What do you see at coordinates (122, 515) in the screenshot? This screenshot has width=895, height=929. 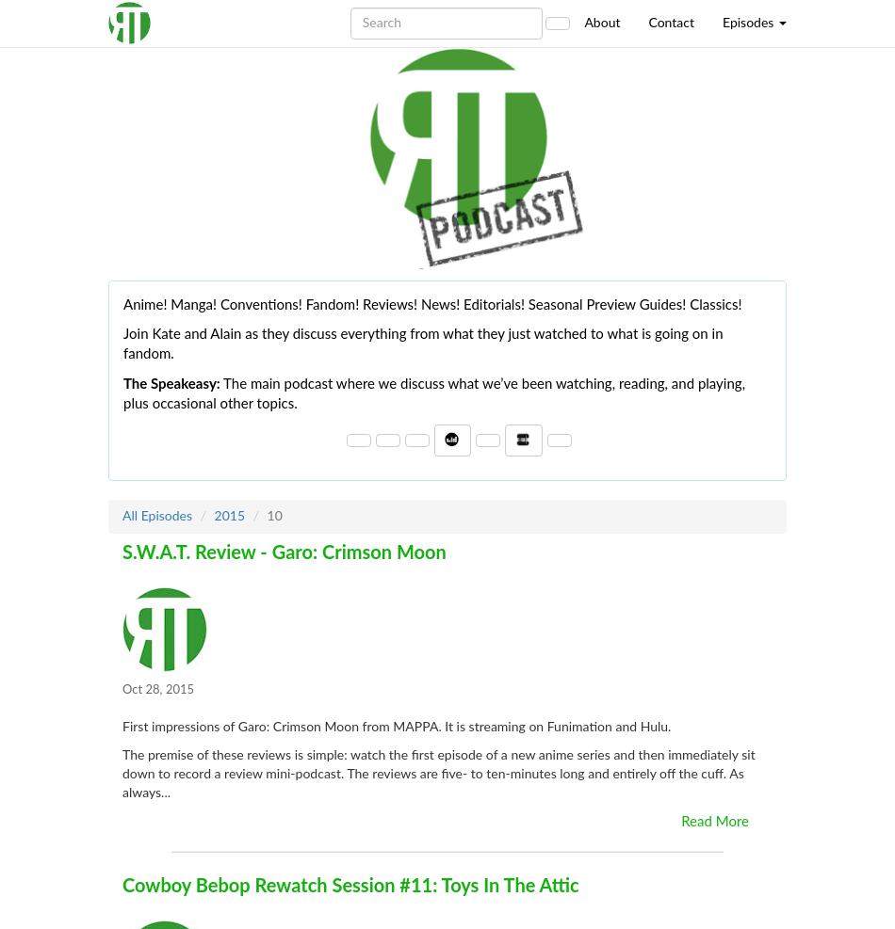 I see `'All Episodes'` at bounding box center [122, 515].